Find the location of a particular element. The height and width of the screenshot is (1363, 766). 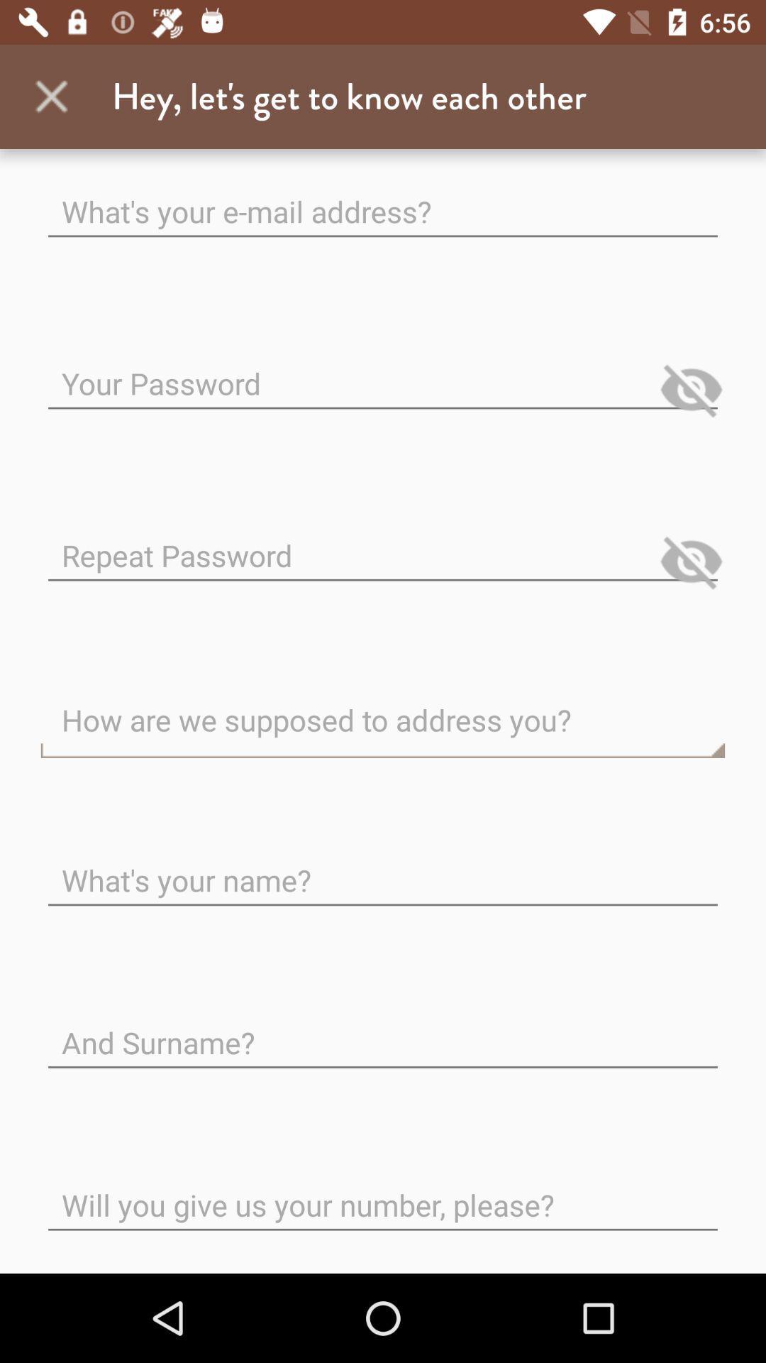

your name is located at coordinates (383, 868).